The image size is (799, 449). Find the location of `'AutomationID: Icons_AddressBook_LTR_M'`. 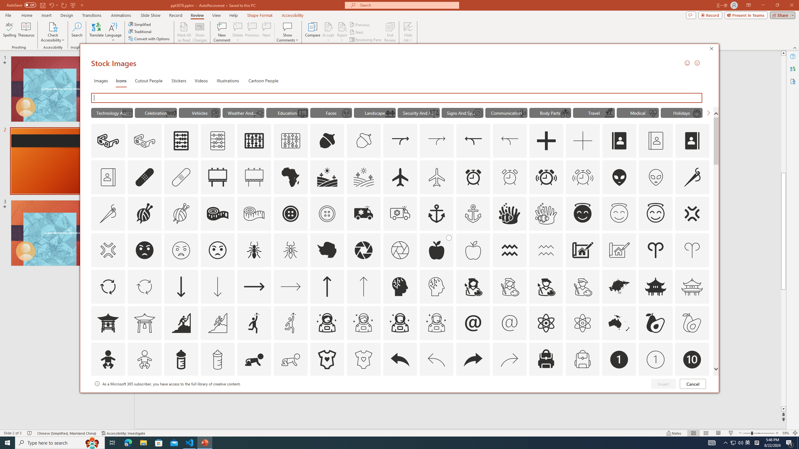

'AutomationID: Icons_AddressBook_LTR_M' is located at coordinates (655, 141).